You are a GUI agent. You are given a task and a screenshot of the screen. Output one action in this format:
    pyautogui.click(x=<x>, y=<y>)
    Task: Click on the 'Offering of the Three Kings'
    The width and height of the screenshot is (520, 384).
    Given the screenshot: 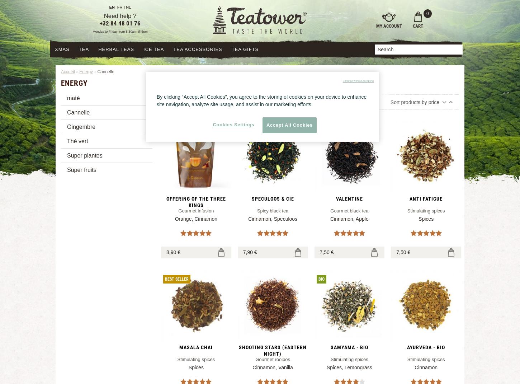 What is the action you would take?
    pyautogui.click(x=196, y=201)
    